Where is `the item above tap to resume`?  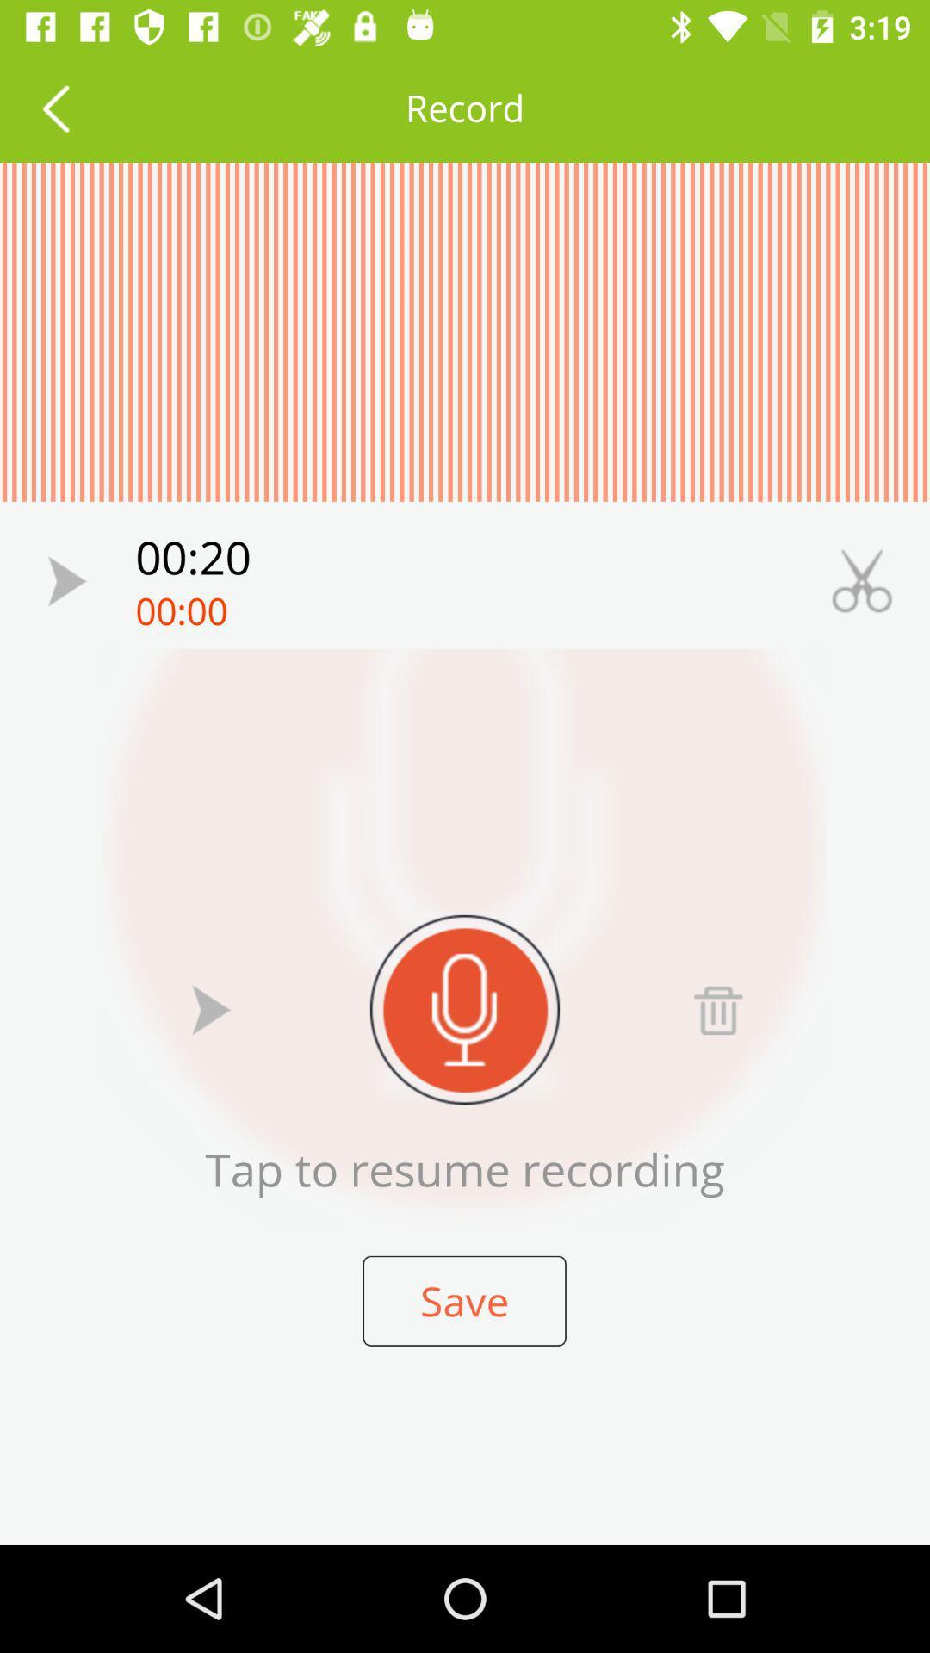 the item above tap to resume is located at coordinates (717, 1009).